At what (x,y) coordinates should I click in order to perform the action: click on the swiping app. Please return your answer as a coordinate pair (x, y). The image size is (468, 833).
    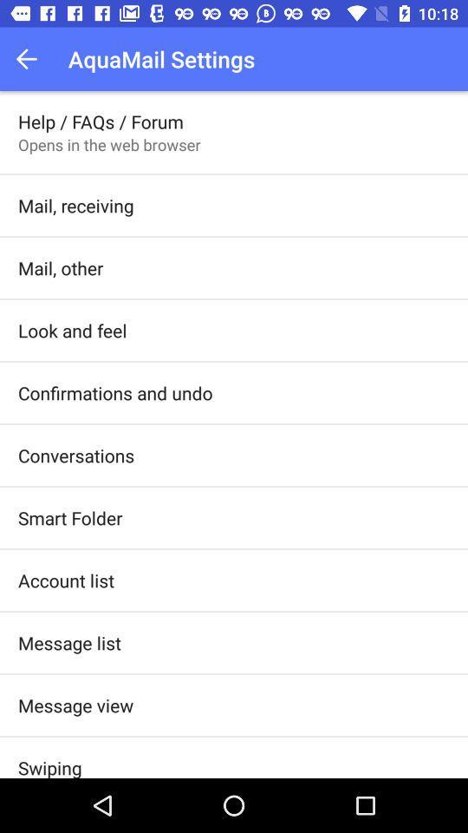
    Looking at the image, I should click on (49, 765).